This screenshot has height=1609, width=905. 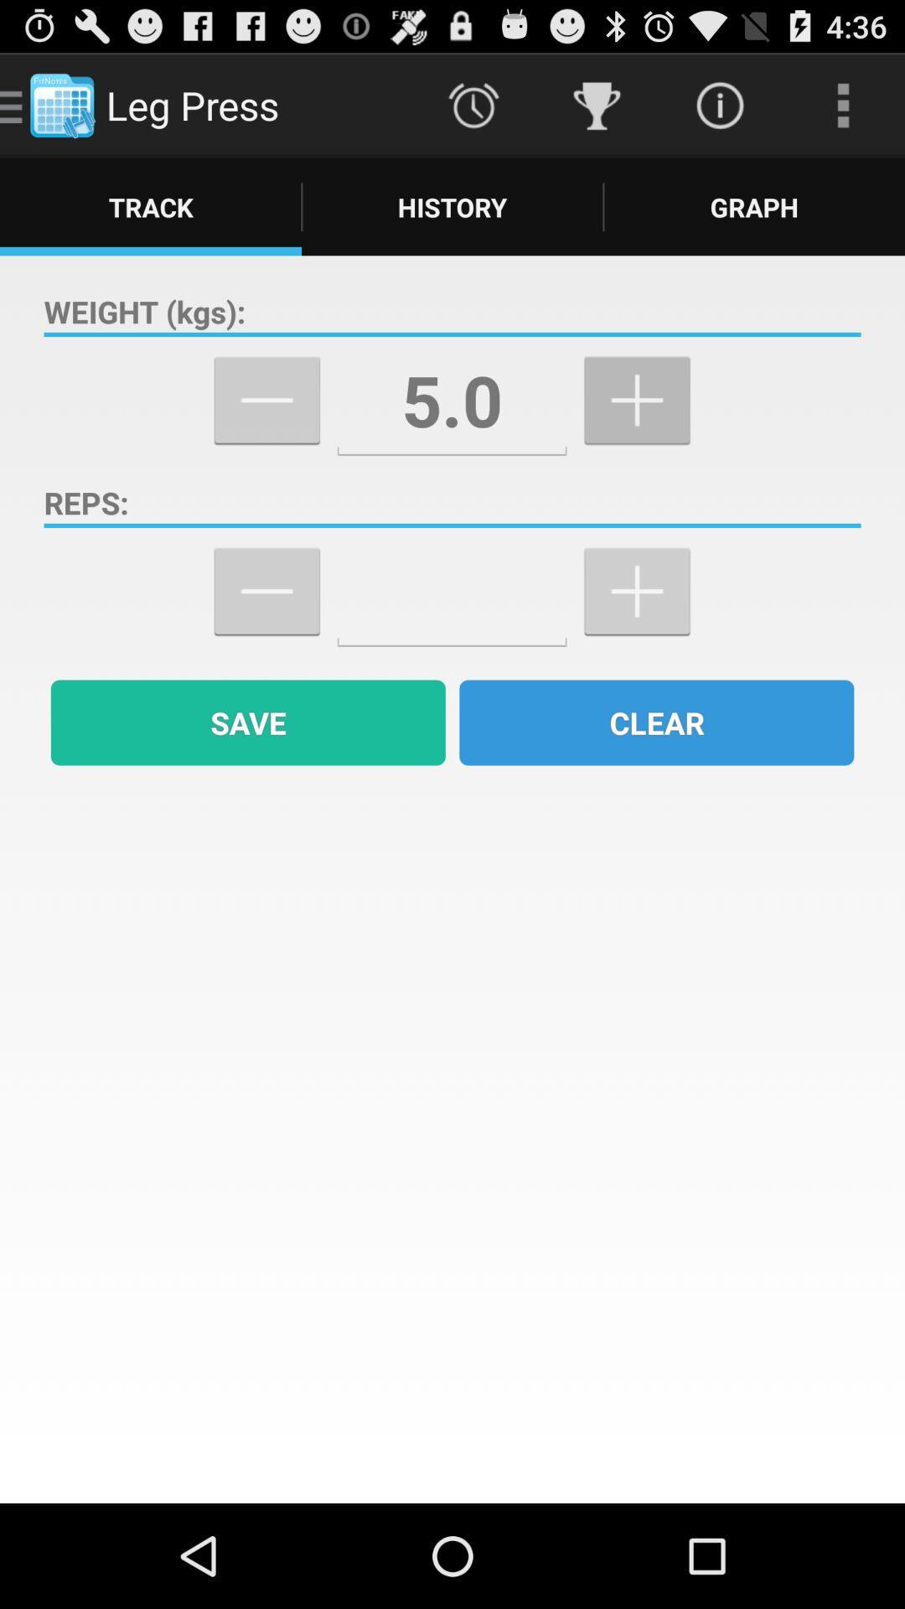 What do you see at coordinates (451, 592) in the screenshot?
I see `insert number of reps` at bounding box center [451, 592].